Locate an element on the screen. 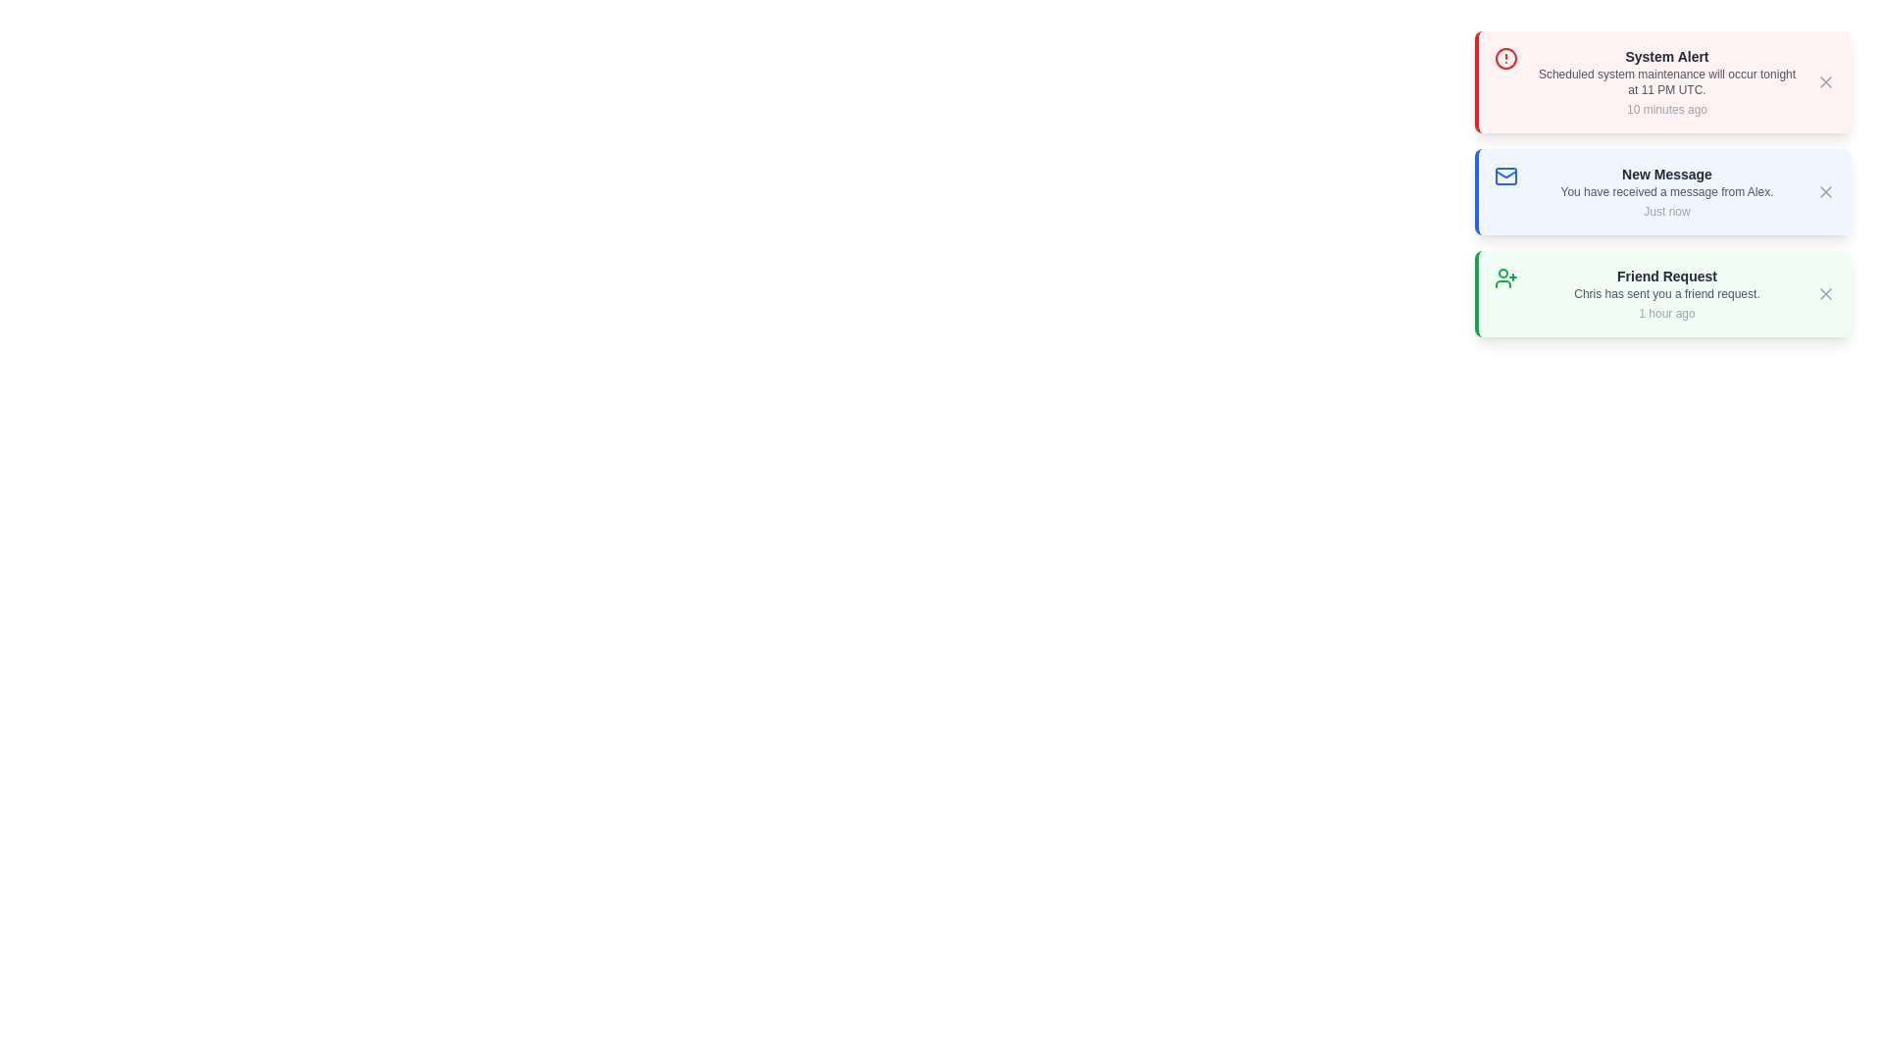 The height and width of the screenshot is (1059, 1883). the second notification in the top-right corner of the view is located at coordinates (1661, 192).